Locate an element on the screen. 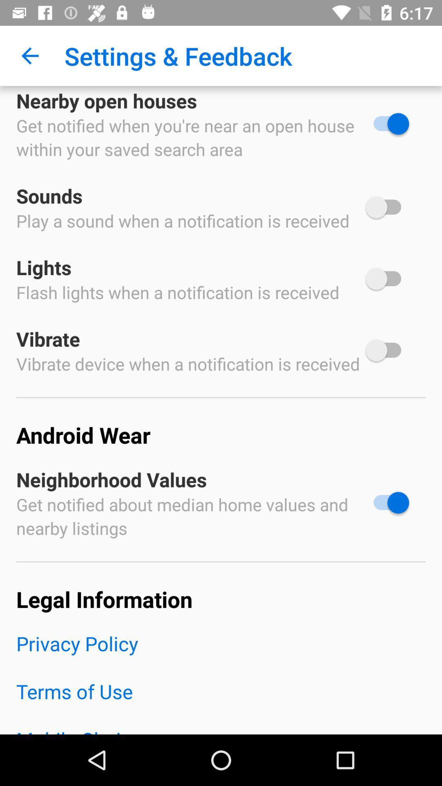  on is located at coordinates (387, 350).